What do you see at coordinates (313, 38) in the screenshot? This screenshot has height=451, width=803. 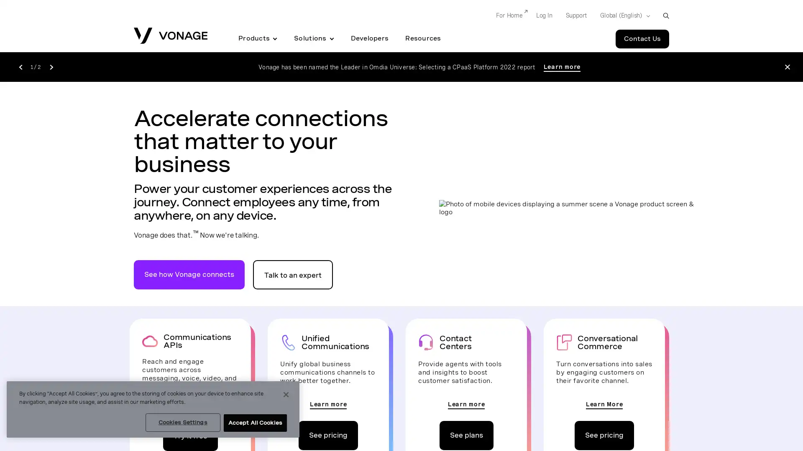 I see `Solutions` at bounding box center [313, 38].